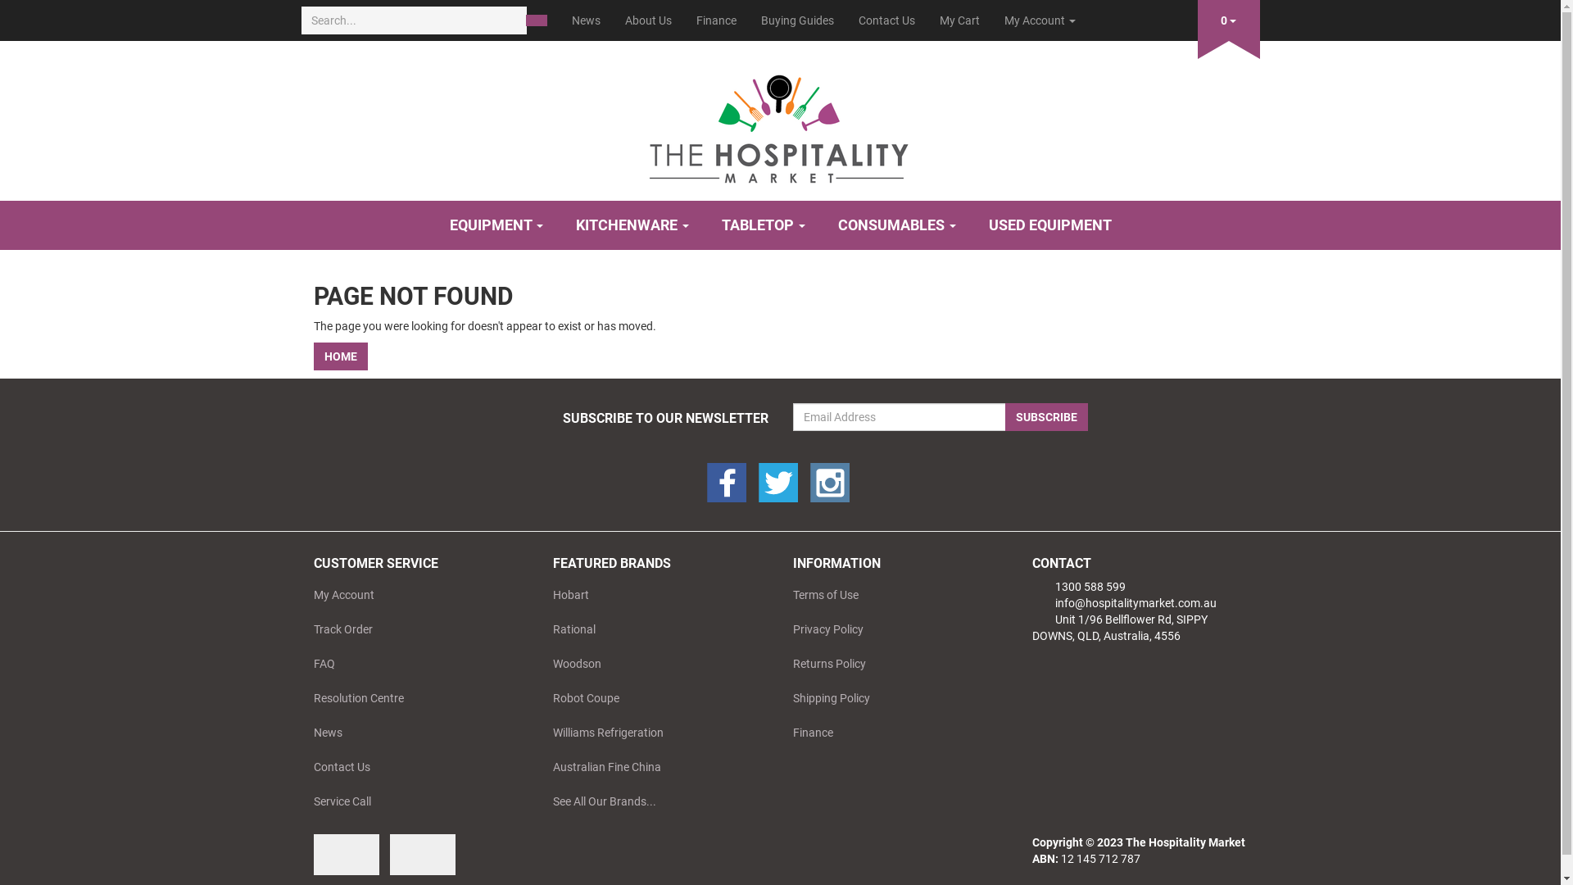 The height and width of the screenshot is (885, 1573). Describe the element at coordinates (338, 356) in the screenshot. I see `'HOME'` at that location.